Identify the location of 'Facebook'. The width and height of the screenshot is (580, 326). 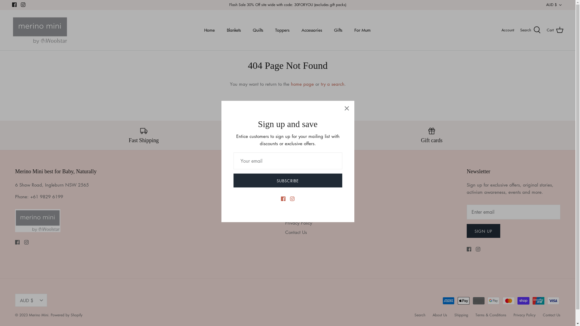
(17, 242).